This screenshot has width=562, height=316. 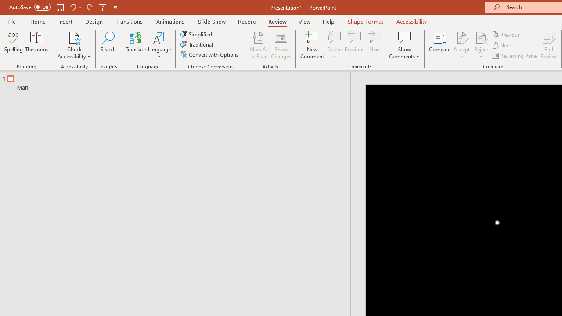 What do you see at coordinates (461, 45) in the screenshot?
I see `'Accept'` at bounding box center [461, 45].